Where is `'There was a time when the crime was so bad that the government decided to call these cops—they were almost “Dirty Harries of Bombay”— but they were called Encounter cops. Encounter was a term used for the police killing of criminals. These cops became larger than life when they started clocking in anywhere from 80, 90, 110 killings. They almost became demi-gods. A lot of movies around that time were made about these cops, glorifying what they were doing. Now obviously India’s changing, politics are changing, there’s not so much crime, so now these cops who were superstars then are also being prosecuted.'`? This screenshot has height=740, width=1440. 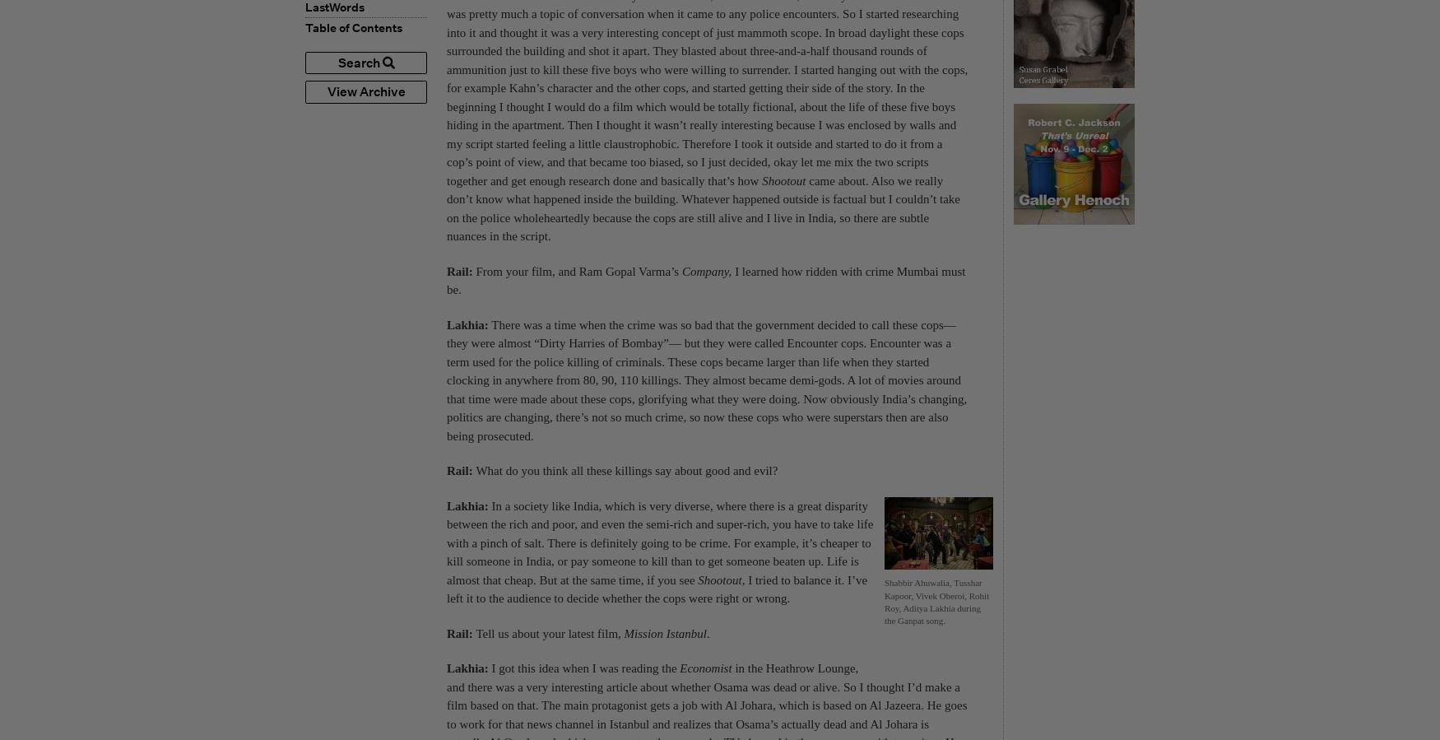
'There was a time when the crime was so bad that the government decided to call these cops—they were almost “Dirty Harries of Bombay”— but they were called Encounter cops. Encounter was a term used for the police killing of criminals. These cops became larger than life when they started clocking in anywhere from 80, 90, 110 killings. They almost became demi-gods. A lot of movies around that time were made about these cops, glorifying what they were doing. Now obviously India’s changing, politics are changing, there’s not so much crime, so now these cops who were superstars then are also being prosecuted.' is located at coordinates (707, 379).